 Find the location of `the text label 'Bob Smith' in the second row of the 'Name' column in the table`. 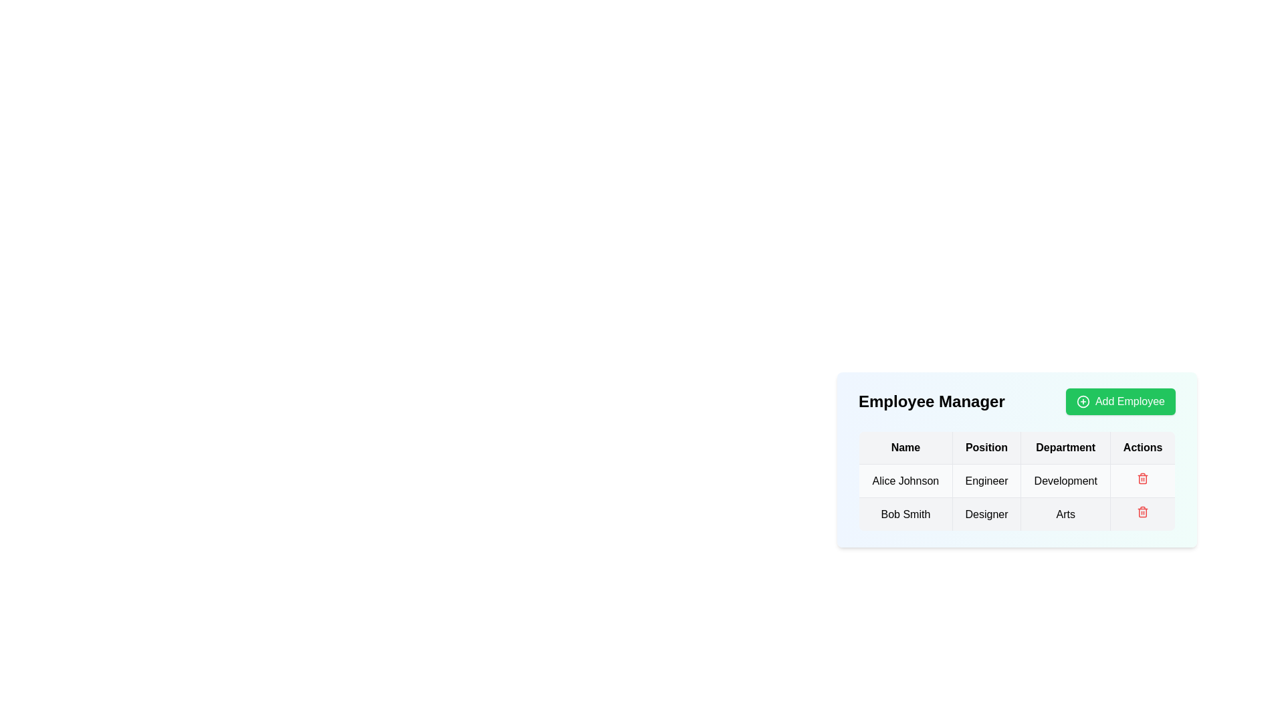

the text label 'Bob Smith' in the second row of the 'Name' column in the table is located at coordinates (905, 513).